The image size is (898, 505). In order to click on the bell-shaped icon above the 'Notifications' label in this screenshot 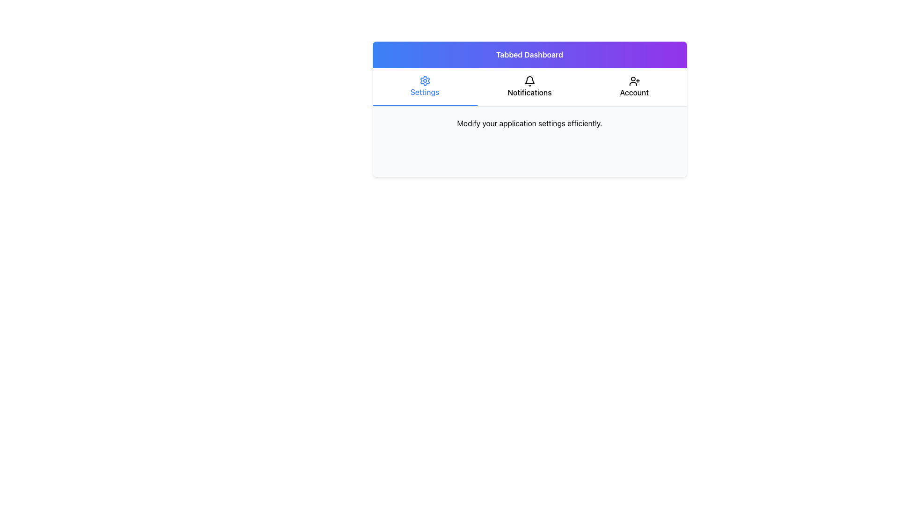, I will do `click(529, 80)`.